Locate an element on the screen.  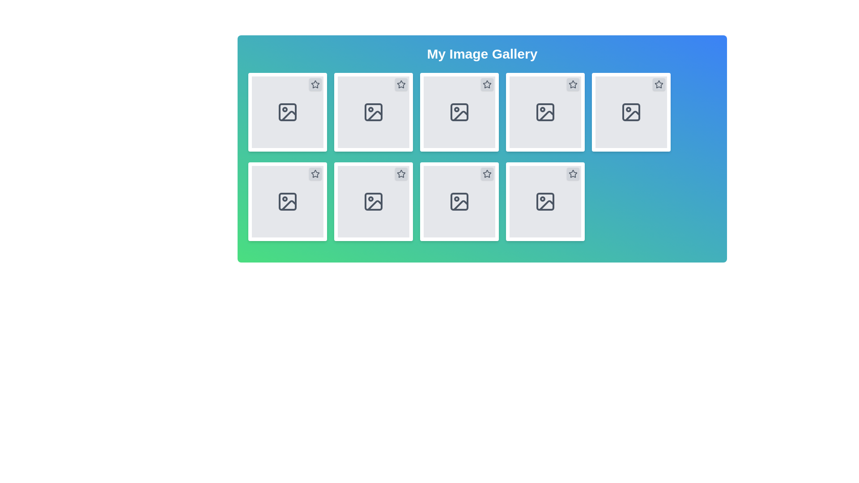
the image placeholder icon located in the third row, second column of the 'My Image Gallery' section is located at coordinates (459, 202).